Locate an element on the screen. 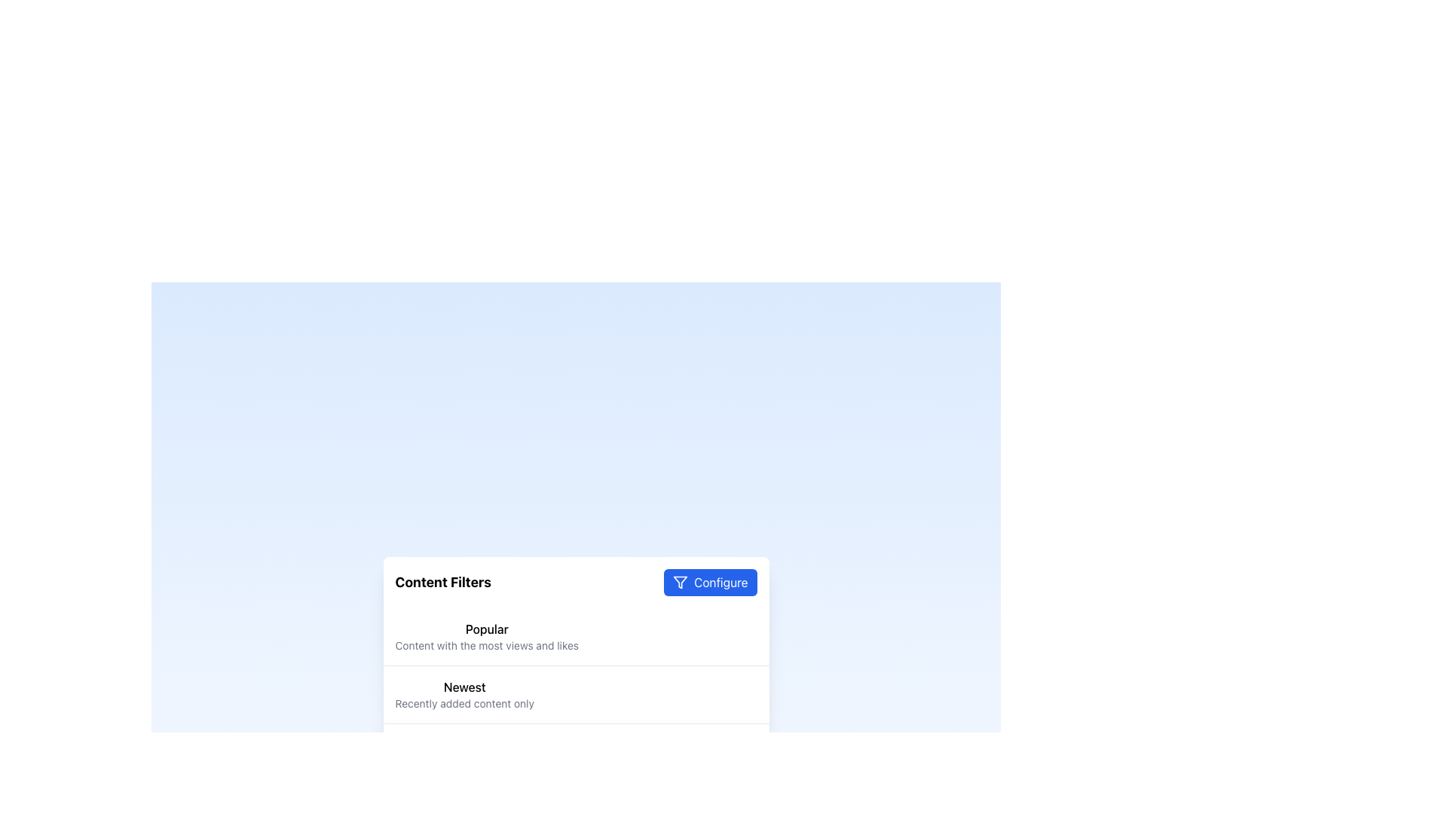 Image resolution: width=1447 pixels, height=813 pixels. the Text block with hierarchical styling that indicates a filtering option for popular content, located within the 'Content Filters' section, directly beneath the header text is located at coordinates (487, 636).